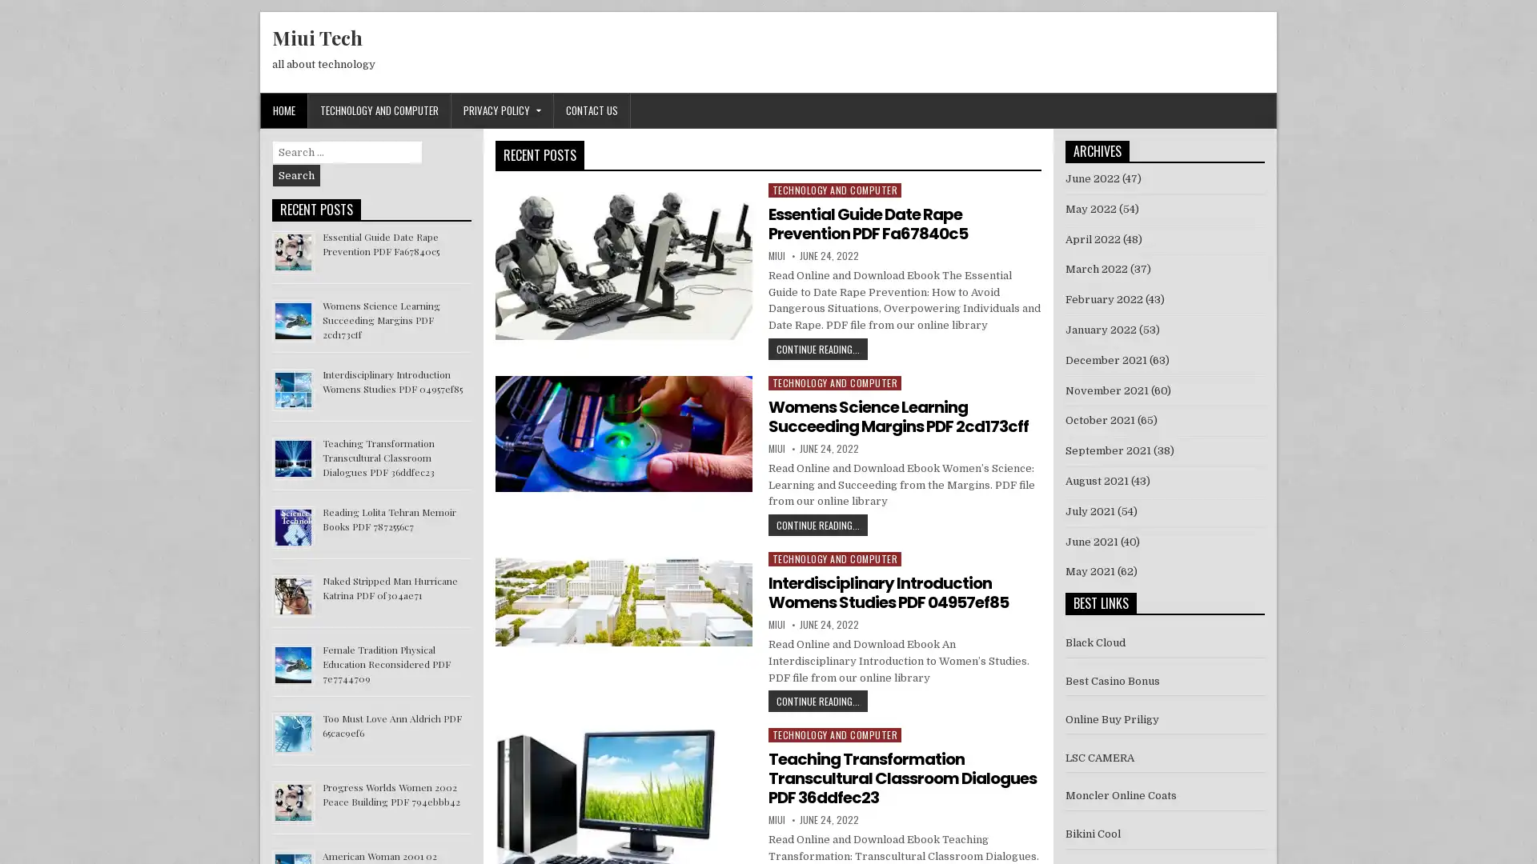 The height and width of the screenshot is (864, 1537). Describe the element at coordinates (296, 175) in the screenshot. I see `Search` at that location.